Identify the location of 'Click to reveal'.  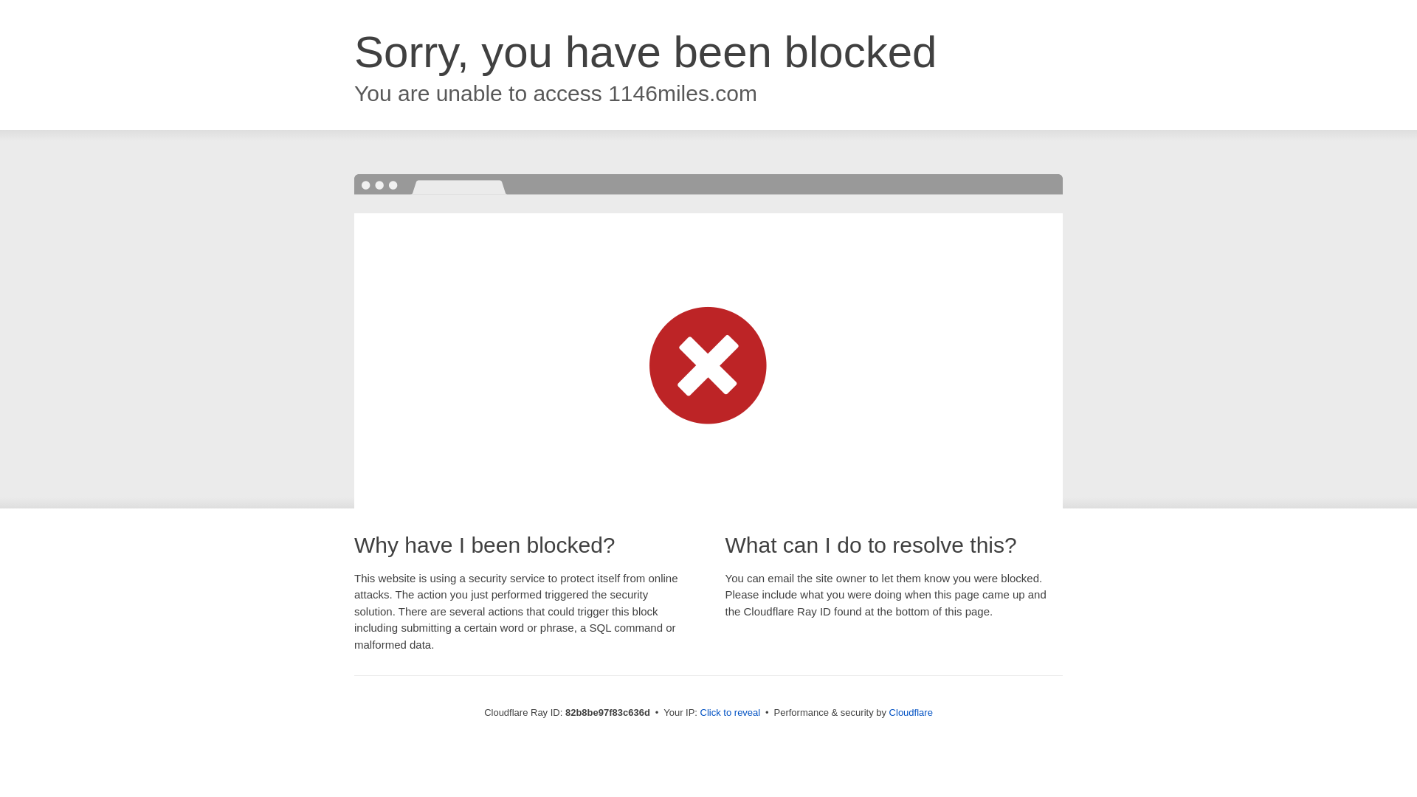
(700, 711).